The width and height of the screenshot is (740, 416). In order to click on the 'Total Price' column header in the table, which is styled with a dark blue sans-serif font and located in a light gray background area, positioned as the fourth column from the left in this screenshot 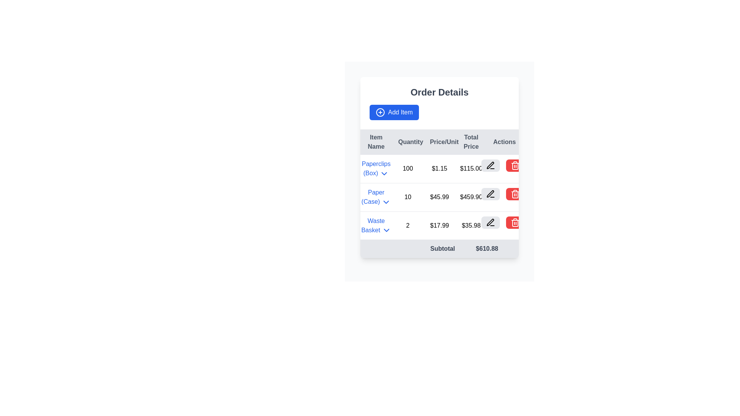, I will do `click(471, 142)`.